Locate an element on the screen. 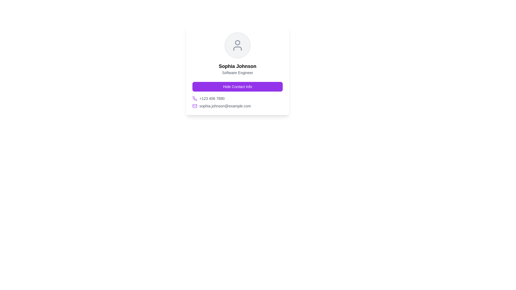 This screenshot has height=290, width=516. the purple outline phone icon located to the left of the phone number '+123 456 7890' in the contact details section is located at coordinates (194, 98).